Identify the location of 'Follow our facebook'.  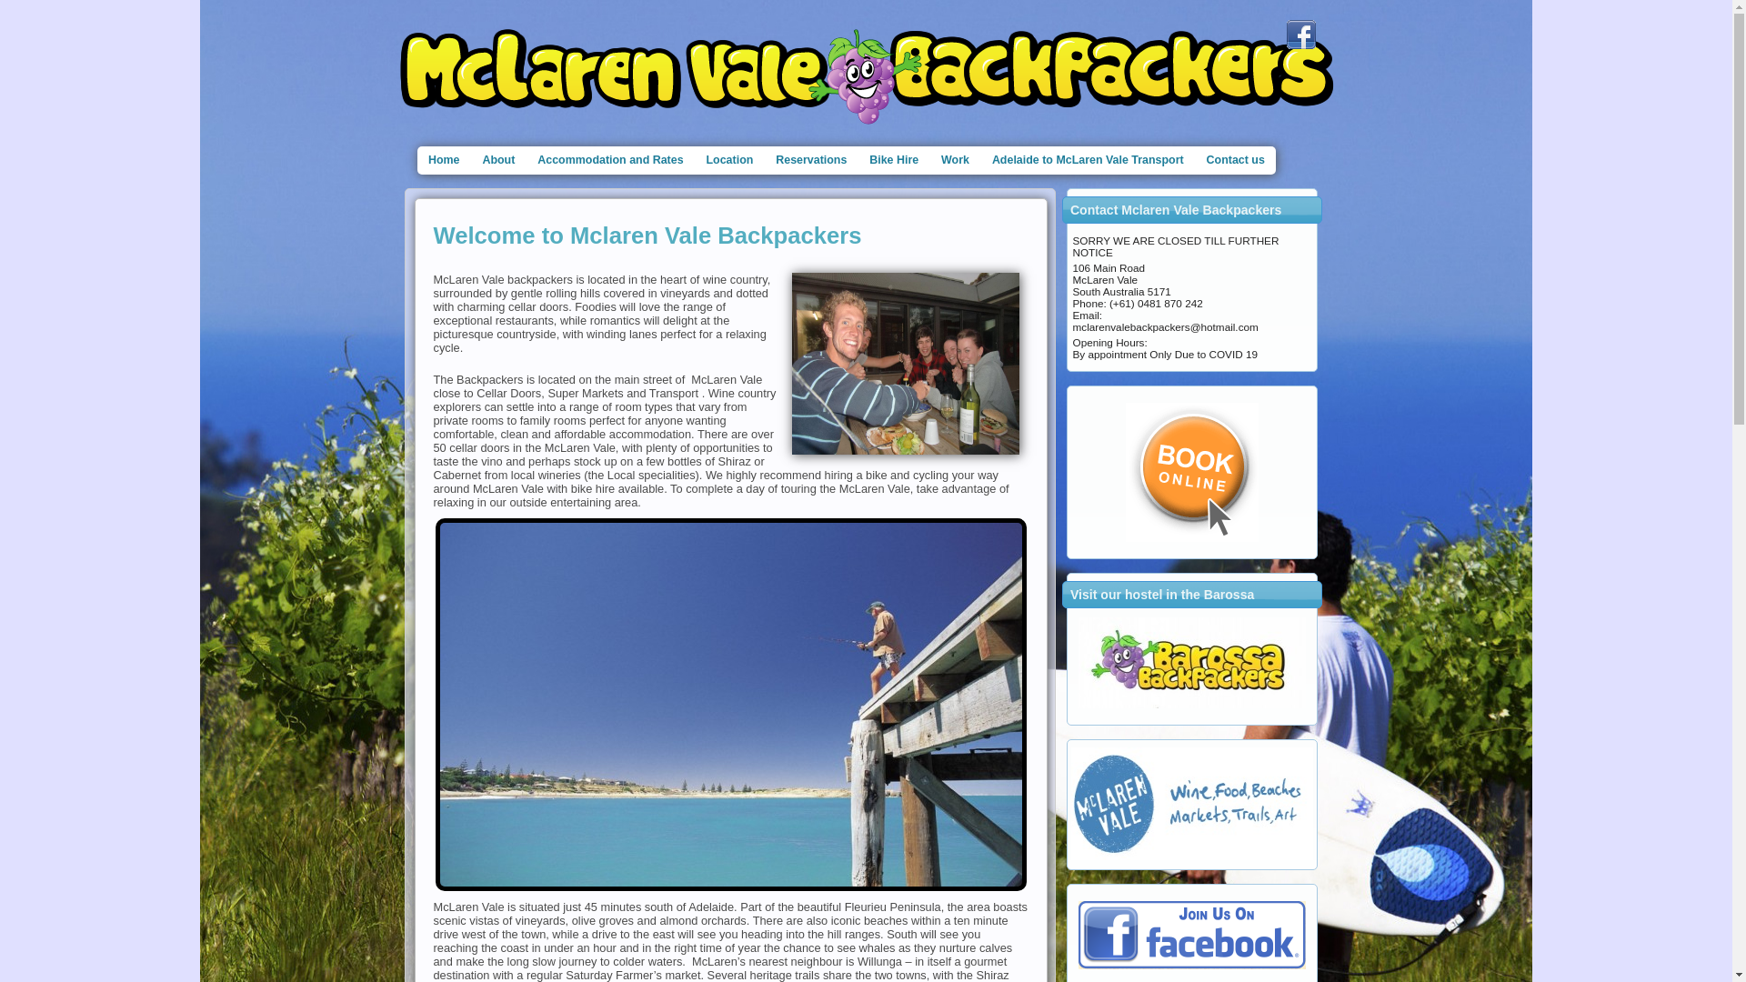
(1299, 35).